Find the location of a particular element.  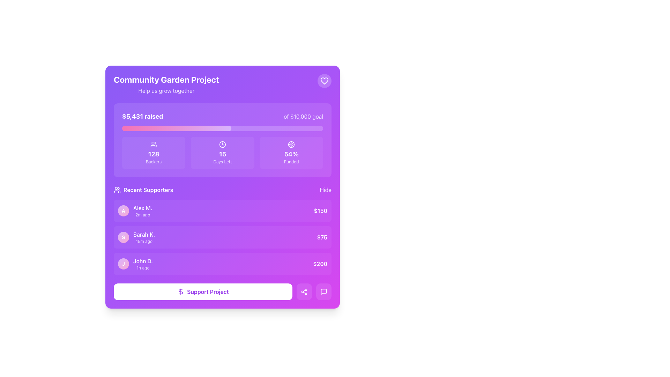

the Decorative icon, which is a circular icon with concentric circles resembling a target symbol, styled in white against a purple background, positioned above the text '54% Funded' is located at coordinates (291, 144).